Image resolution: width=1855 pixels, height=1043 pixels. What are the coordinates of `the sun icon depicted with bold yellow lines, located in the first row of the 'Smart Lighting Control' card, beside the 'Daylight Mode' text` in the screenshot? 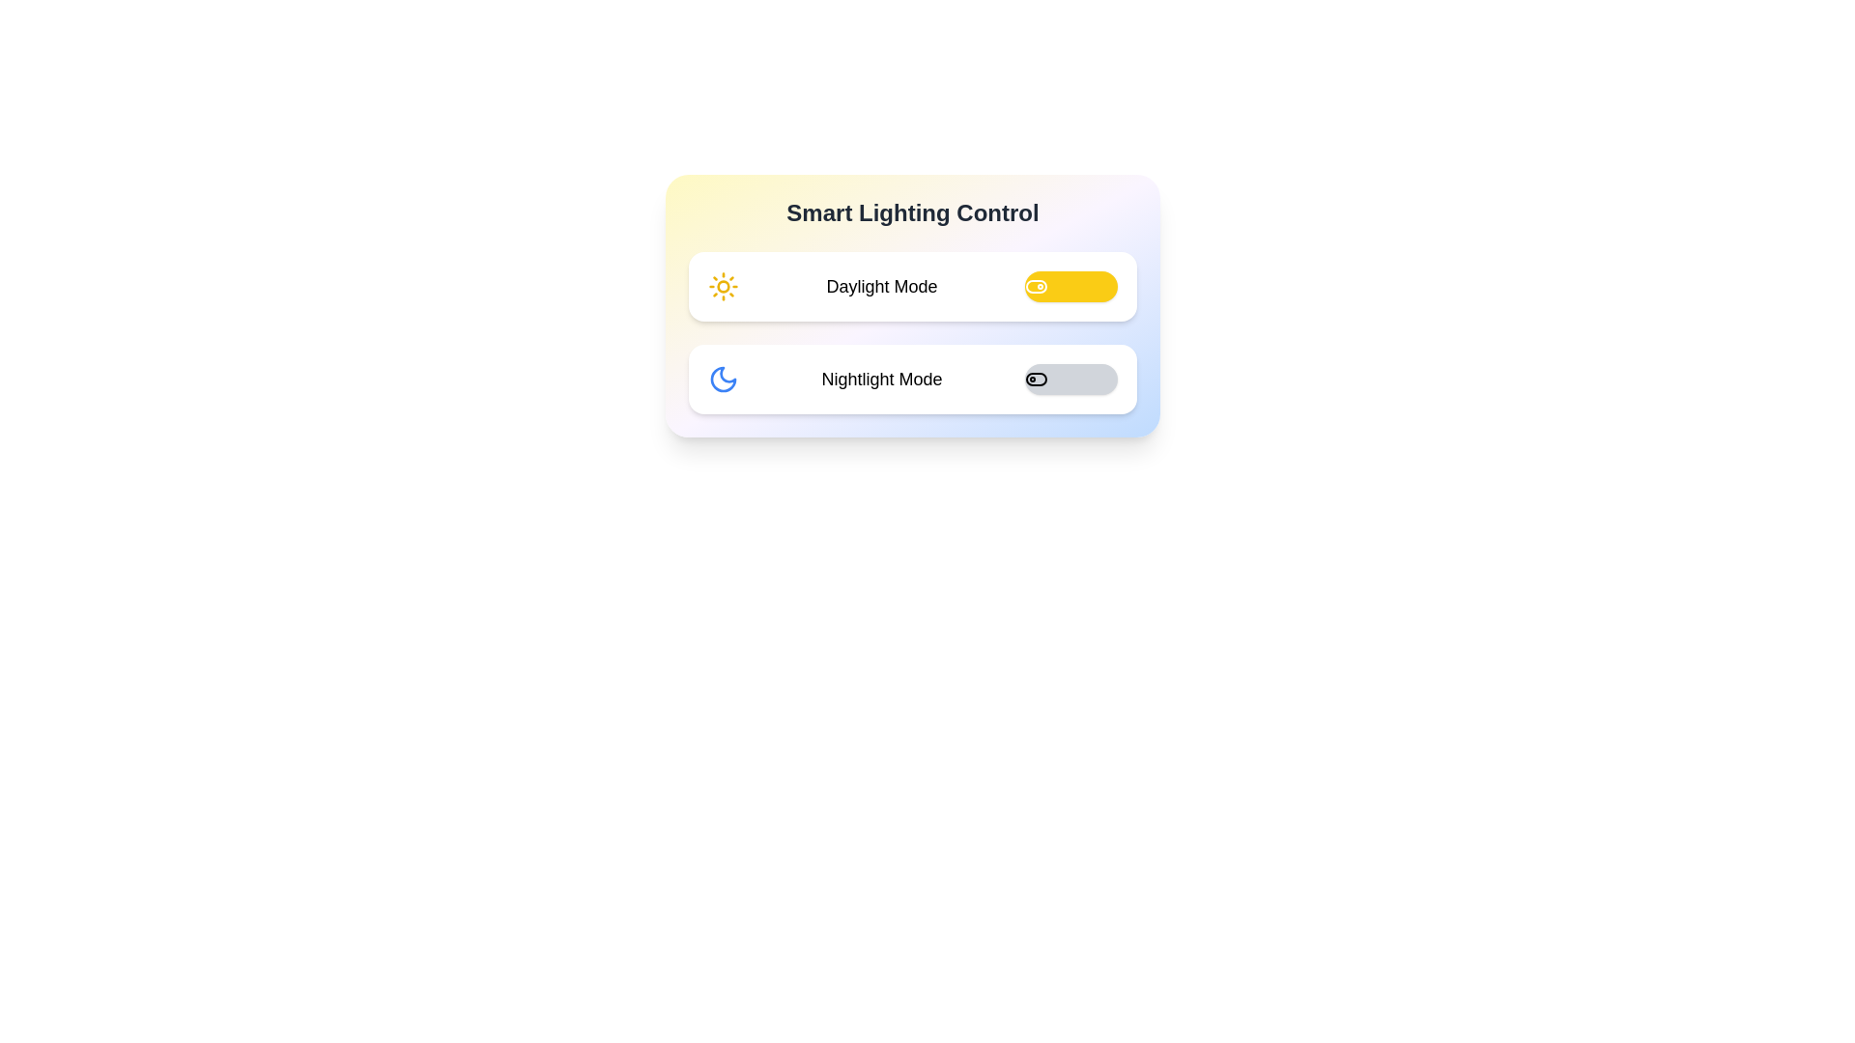 It's located at (722, 287).